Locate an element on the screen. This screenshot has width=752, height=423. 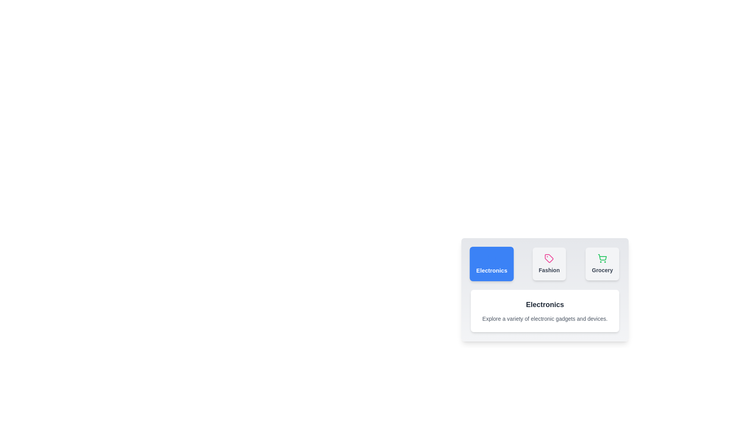
the Electronics tab to observe the hover effect is located at coordinates (491, 264).